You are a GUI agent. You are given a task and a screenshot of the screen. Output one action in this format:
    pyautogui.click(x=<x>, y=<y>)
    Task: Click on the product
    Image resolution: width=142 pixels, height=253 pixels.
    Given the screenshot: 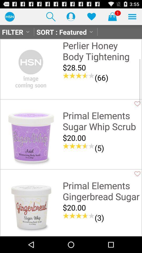 What is the action you would take?
    pyautogui.click(x=137, y=103)
    